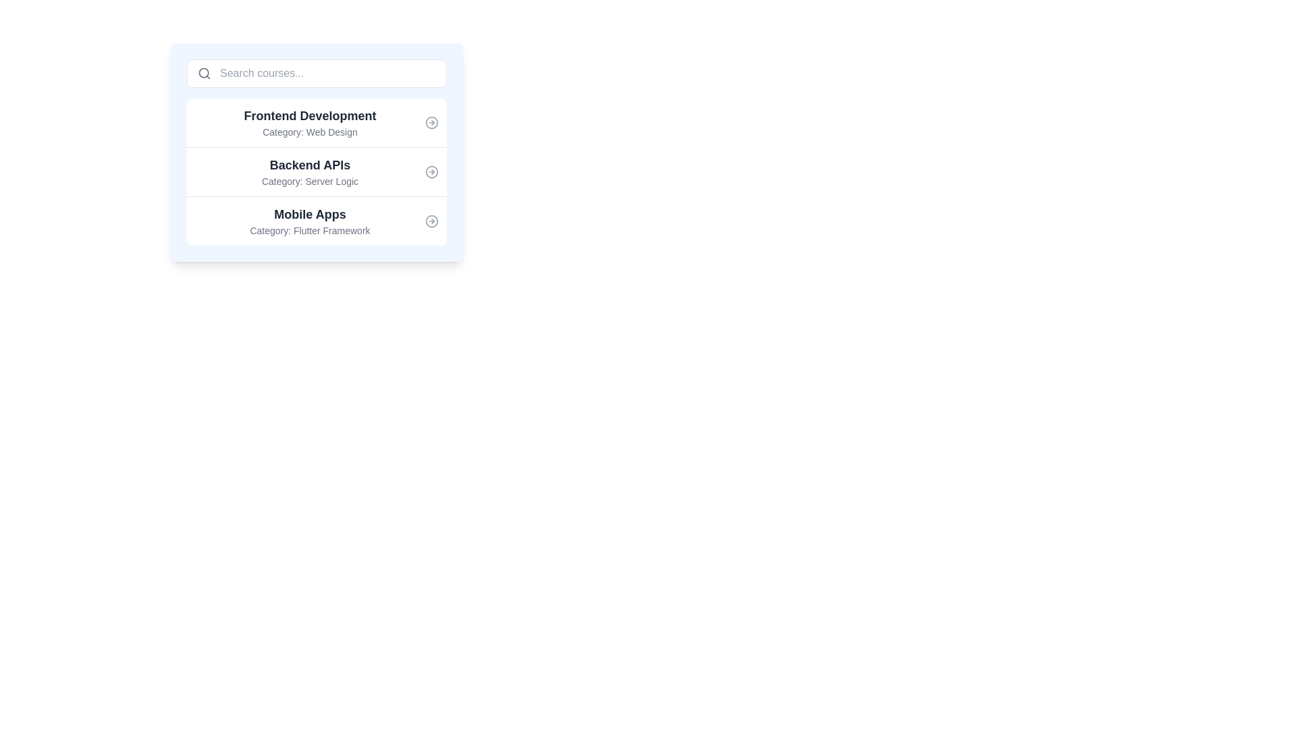 The height and width of the screenshot is (729, 1296). Describe the element at coordinates (316, 122) in the screenshot. I see `the first list item labeled 'Frontend Development' for accessibility navigation` at that location.